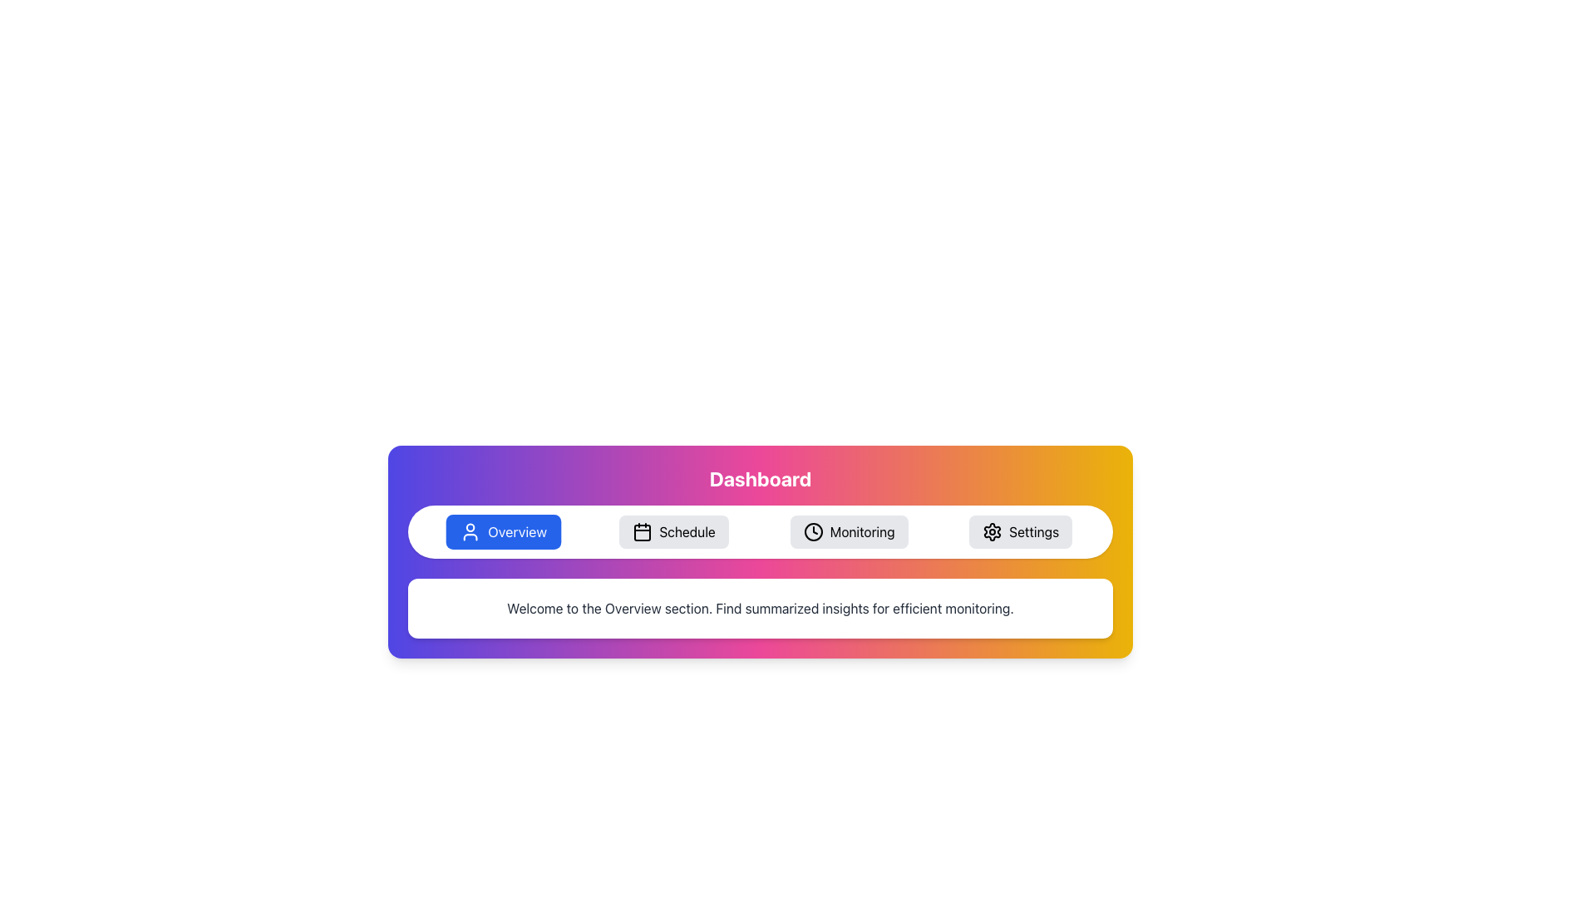  I want to click on the blue pill-shaped button labeled 'Overview' with a user icon on the left, so click(502, 532).